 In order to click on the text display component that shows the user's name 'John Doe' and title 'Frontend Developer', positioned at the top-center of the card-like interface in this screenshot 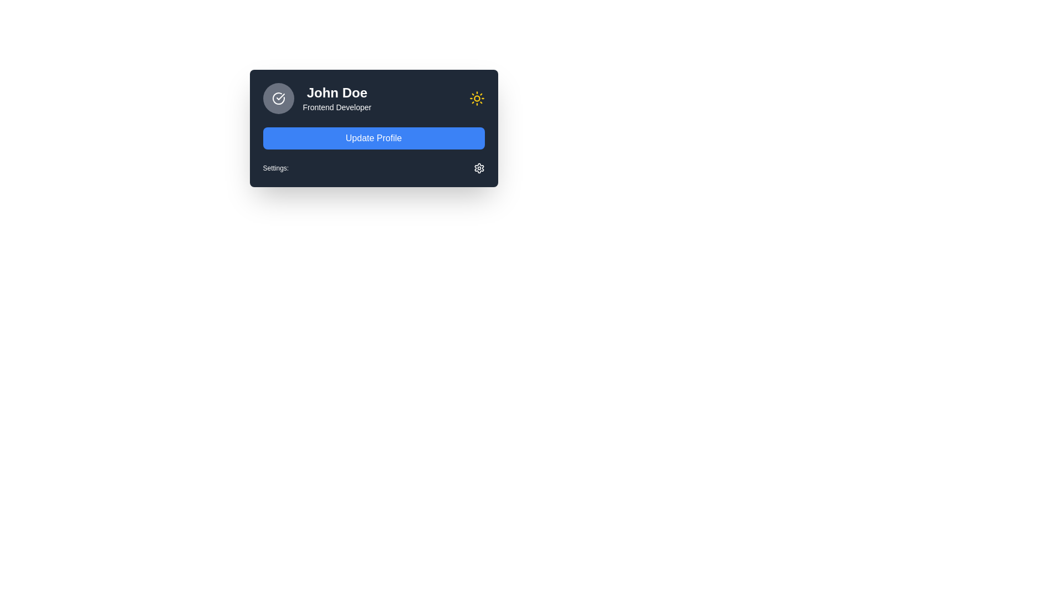, I will do `click(336, 97)`.